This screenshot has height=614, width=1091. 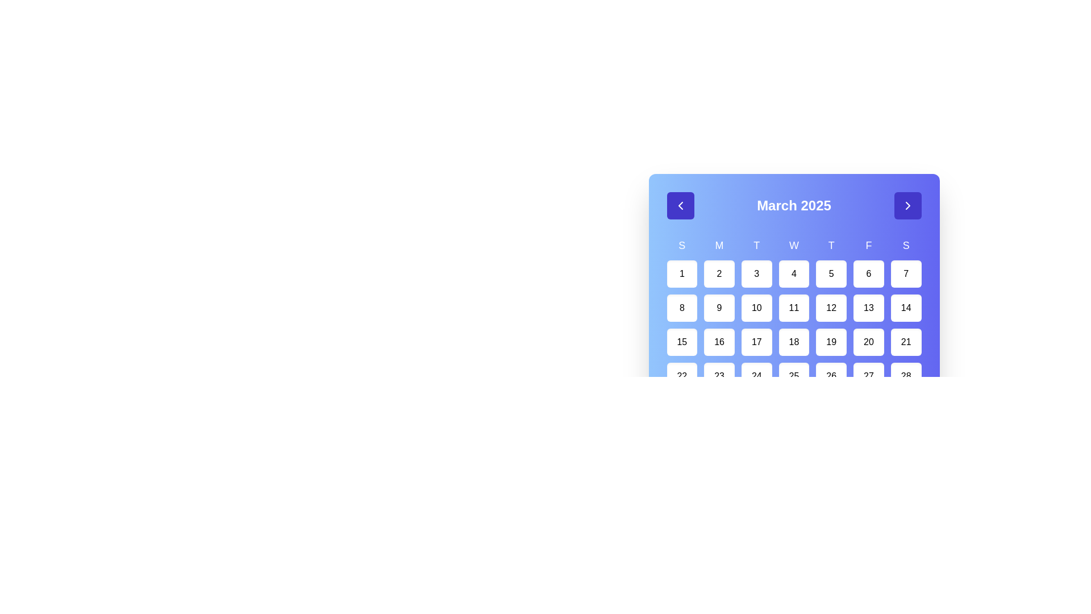 I want to click on a specific day within the Calendar grid displayed below the title 'March 2025', so click(x=793, y=347).